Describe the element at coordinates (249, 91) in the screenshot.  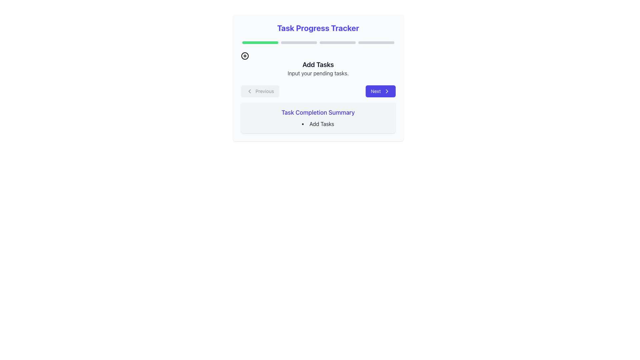
I see `the Icon located to the left of the 'Previous' button to potentially see a tooltip` at that location.